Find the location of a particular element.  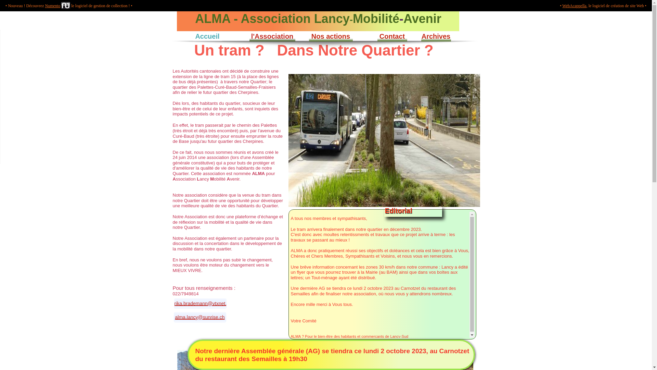

' ' is located at coordinates (172, 14).